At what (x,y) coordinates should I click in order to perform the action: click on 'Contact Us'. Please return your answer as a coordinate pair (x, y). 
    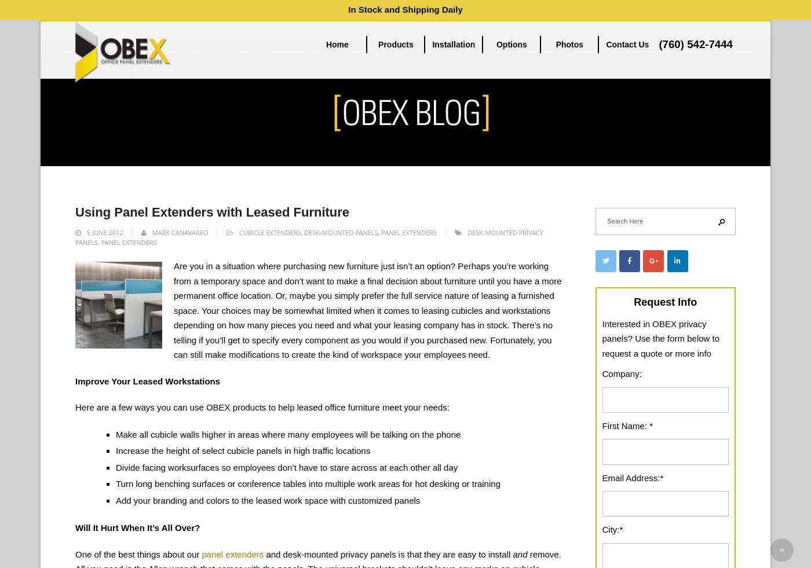
    Looking at the image, I should click on (627, 43).